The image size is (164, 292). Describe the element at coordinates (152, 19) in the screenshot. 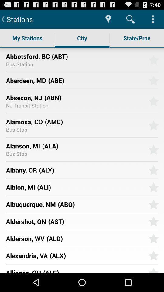

I see `app above state/prov app` at that location.